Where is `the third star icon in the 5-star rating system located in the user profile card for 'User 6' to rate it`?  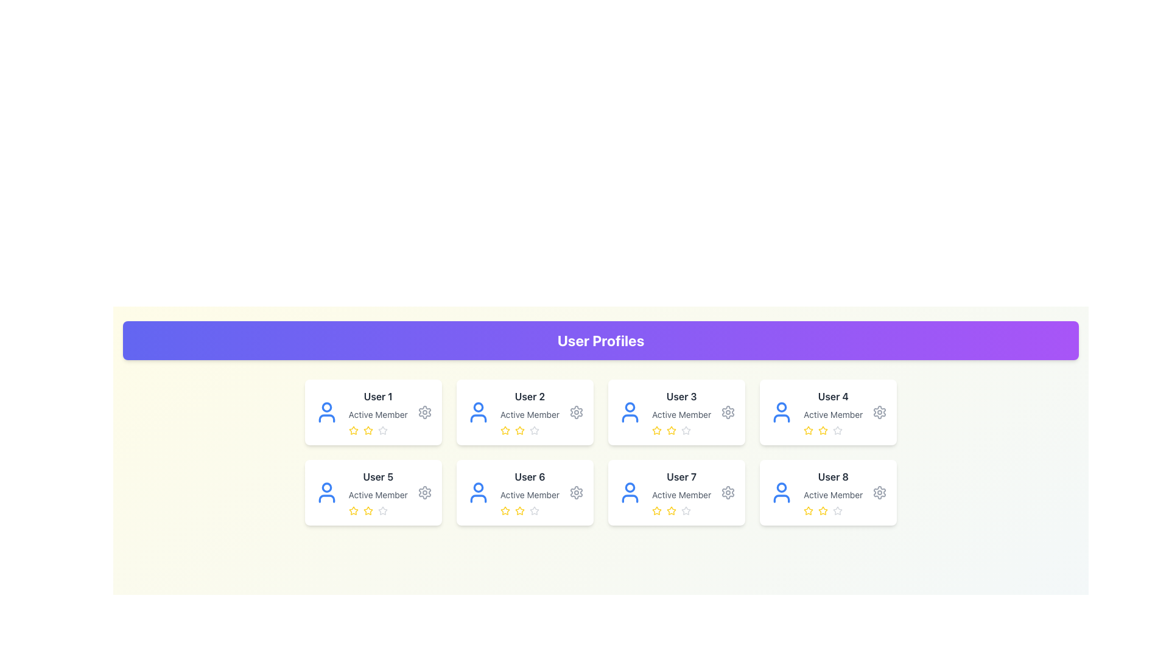
the third star icon in the 5-star rating system located in the user profile card for 'User 6' to rate it is located at coordinates (519, 511).